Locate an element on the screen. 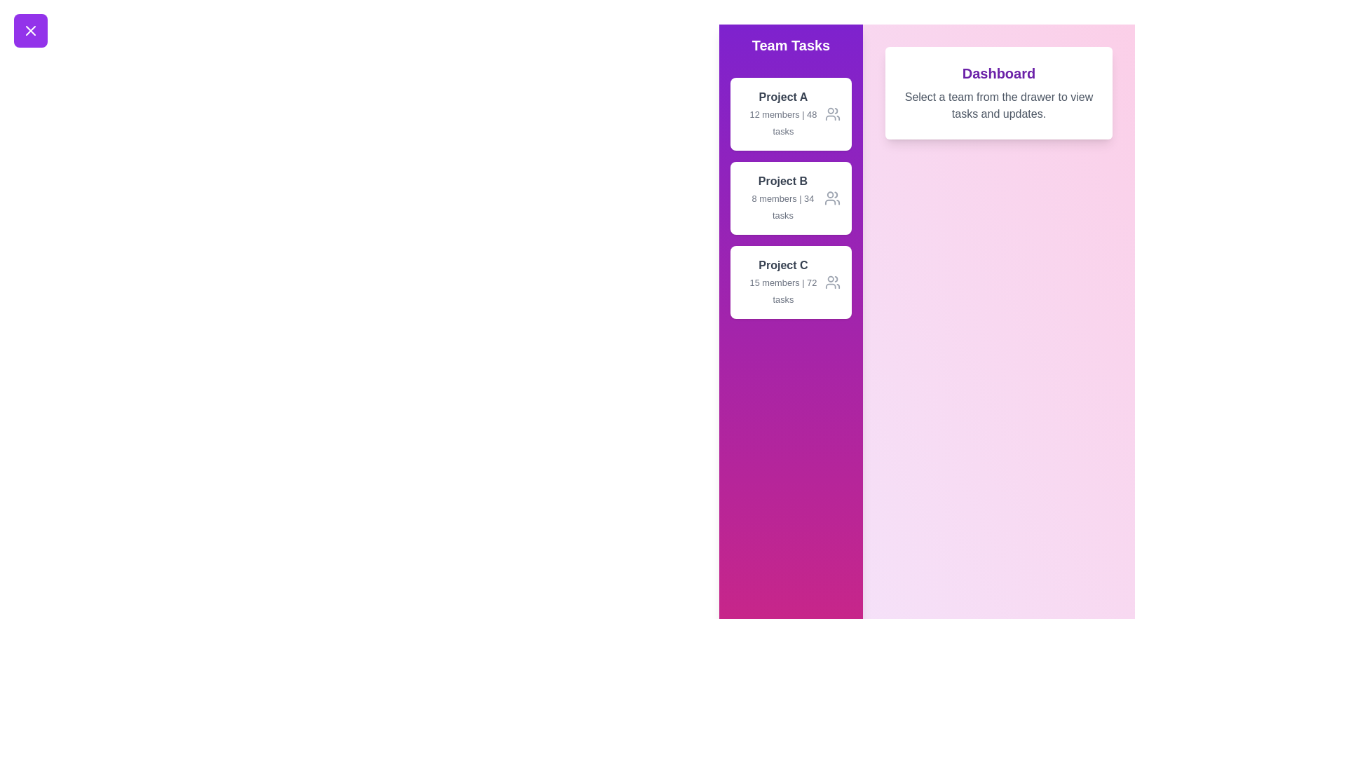 This screenshot has height=757, width=1346. the Team Tasks drawer header to interact with it is located at coordinates (791, 45).